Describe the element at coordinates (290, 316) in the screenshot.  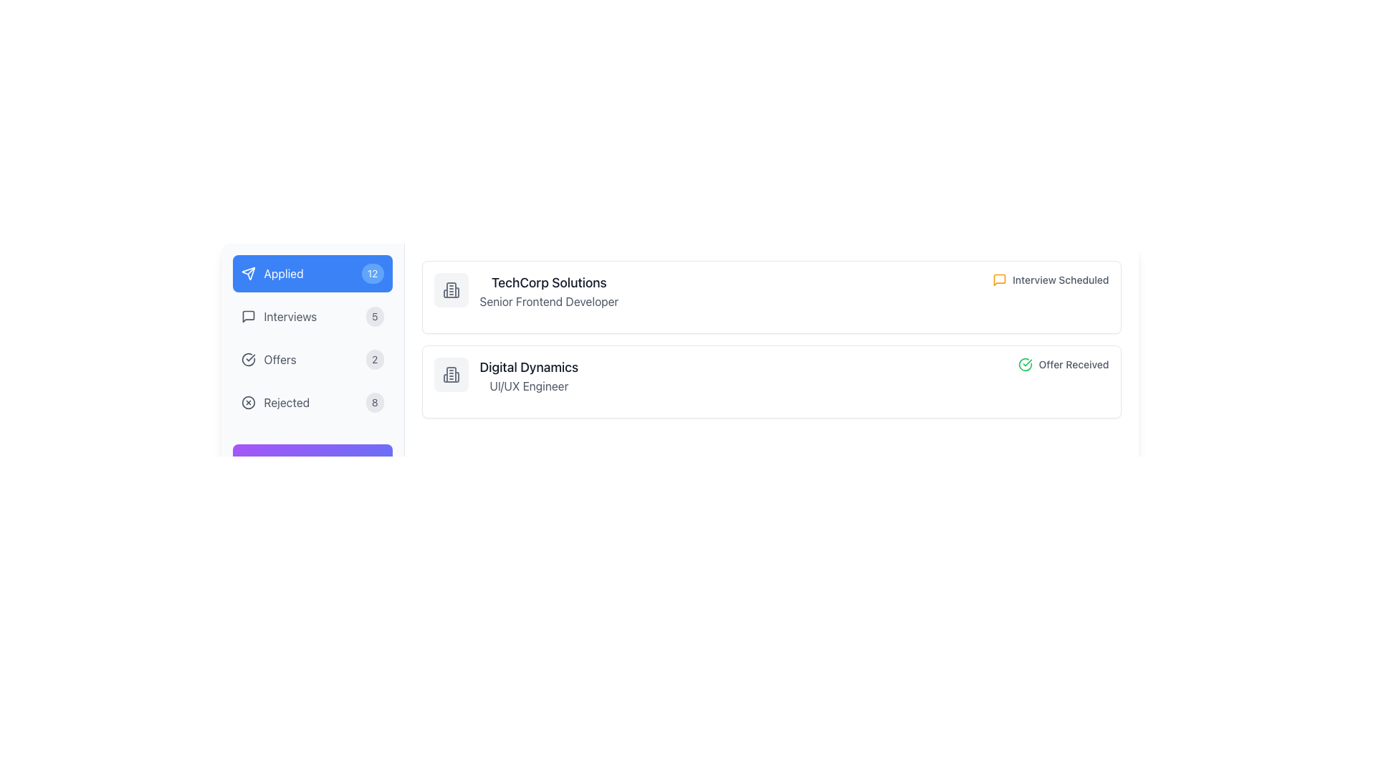
I see `the 'Interviews' text label in the vertical navigation panel` at that location.